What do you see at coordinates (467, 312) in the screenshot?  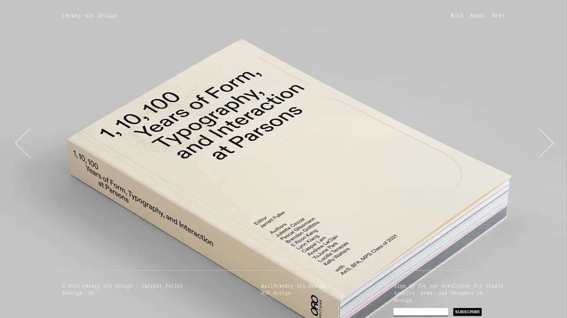 I see `Subscribe` at bounding box center [467, 312].